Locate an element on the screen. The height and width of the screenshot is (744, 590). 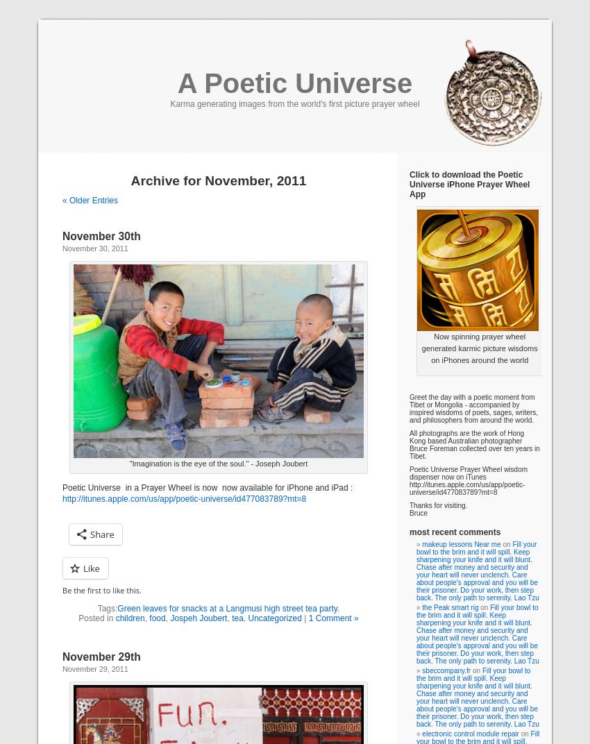
'children' is located at coordinates (129, 618).